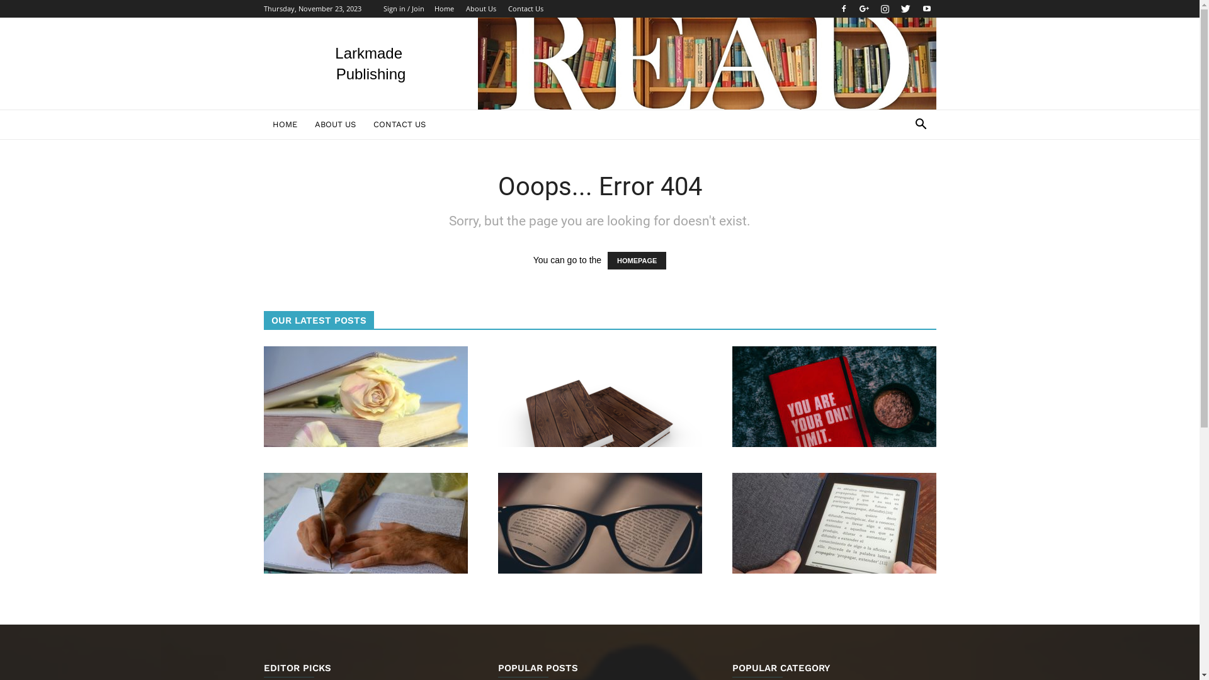 This screenshot has width=1209, height=680. Describe the element at coordinates (335, 124) in the screenshot. I see `'ABOUT US'` at that location.